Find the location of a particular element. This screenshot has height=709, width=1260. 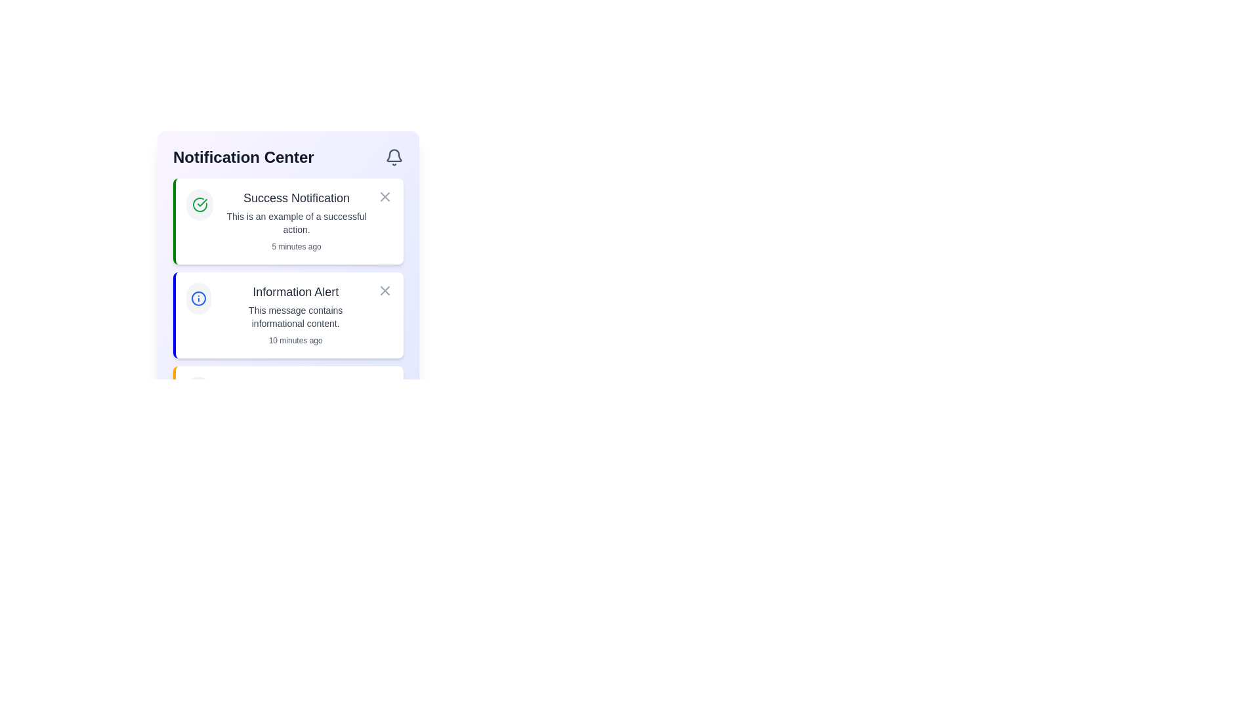

message in the first notification box, which has a green border on the left and contains the title 'Success Notification' and the message 'This is an example of a successful action.' is located at coordinates (287, 221).